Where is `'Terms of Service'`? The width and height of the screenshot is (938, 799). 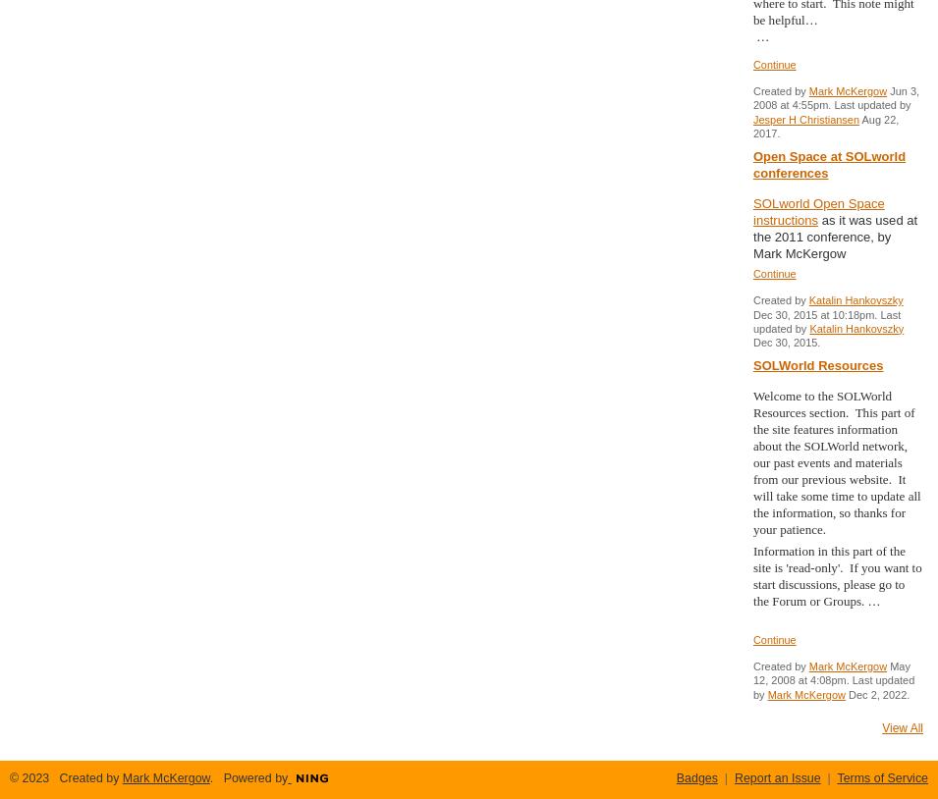
'Terms of Service' is located at coordinates (882, 777).